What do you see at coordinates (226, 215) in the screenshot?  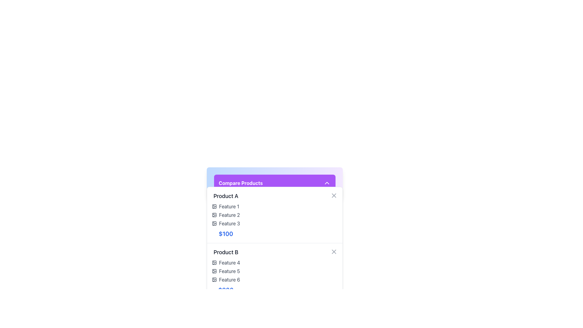 I see `the text 'Feature 2' with the accompanying icon to highlight it` at bounding box center [226, 215].